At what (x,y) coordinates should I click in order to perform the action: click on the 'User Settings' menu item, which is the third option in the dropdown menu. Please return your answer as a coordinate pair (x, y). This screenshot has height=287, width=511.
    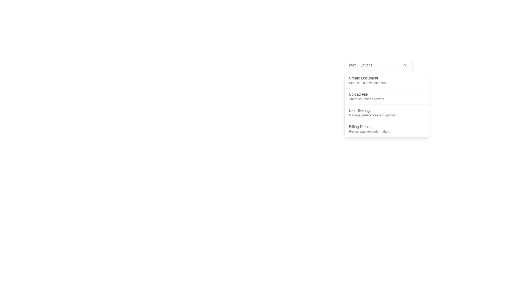
    Looking at the image, I should click on (387, 112).